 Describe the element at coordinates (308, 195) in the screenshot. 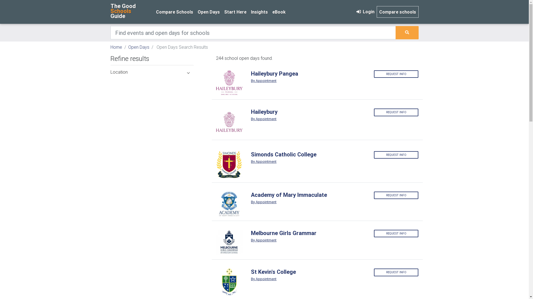

I see `'Academy of Mary Immaculate'` at that location.